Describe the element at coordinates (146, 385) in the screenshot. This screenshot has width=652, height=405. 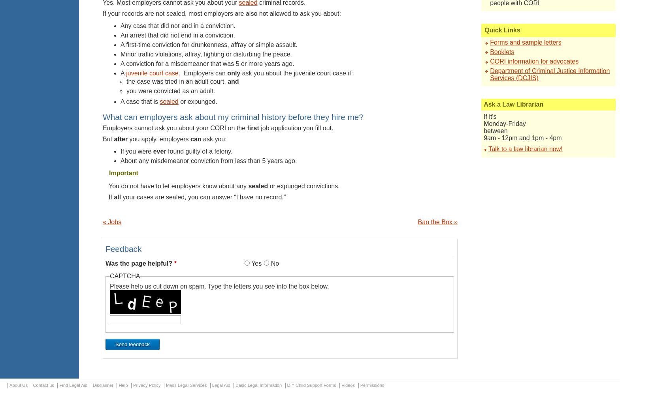
I see `'Privacy Policy'` at that location.